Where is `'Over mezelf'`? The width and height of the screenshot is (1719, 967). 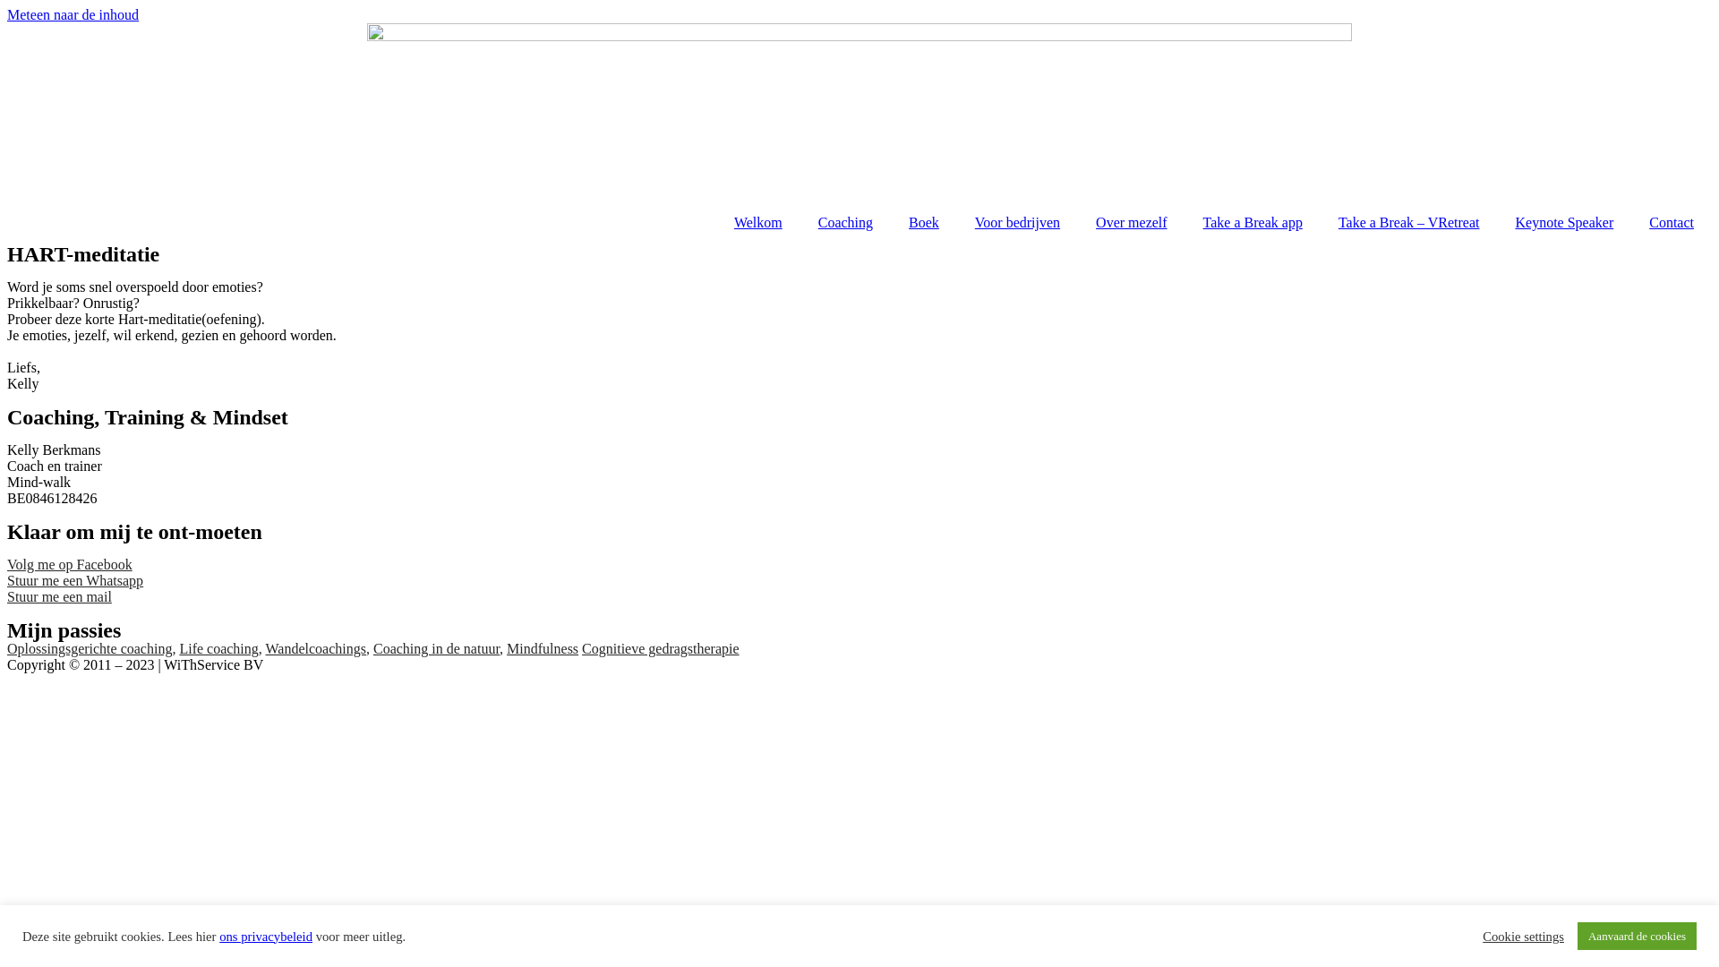
'Over mezelf' is located at coordinates (1130, 222).